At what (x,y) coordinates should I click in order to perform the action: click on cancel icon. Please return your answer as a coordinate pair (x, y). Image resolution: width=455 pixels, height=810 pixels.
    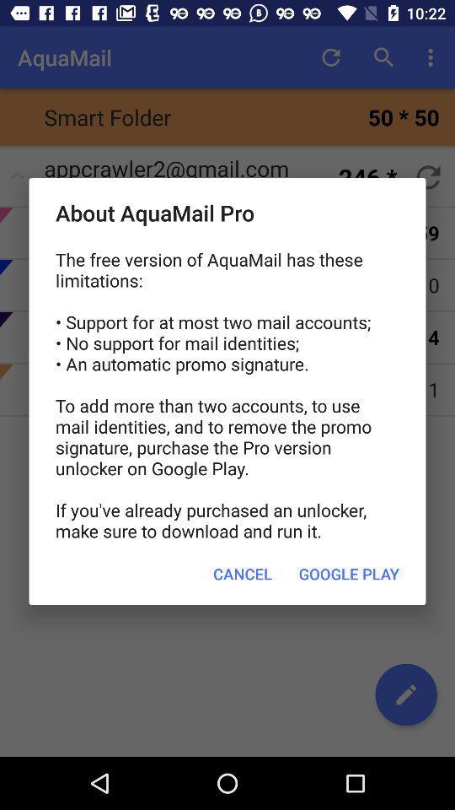
    Looking at the image, I should click on (242, 574).